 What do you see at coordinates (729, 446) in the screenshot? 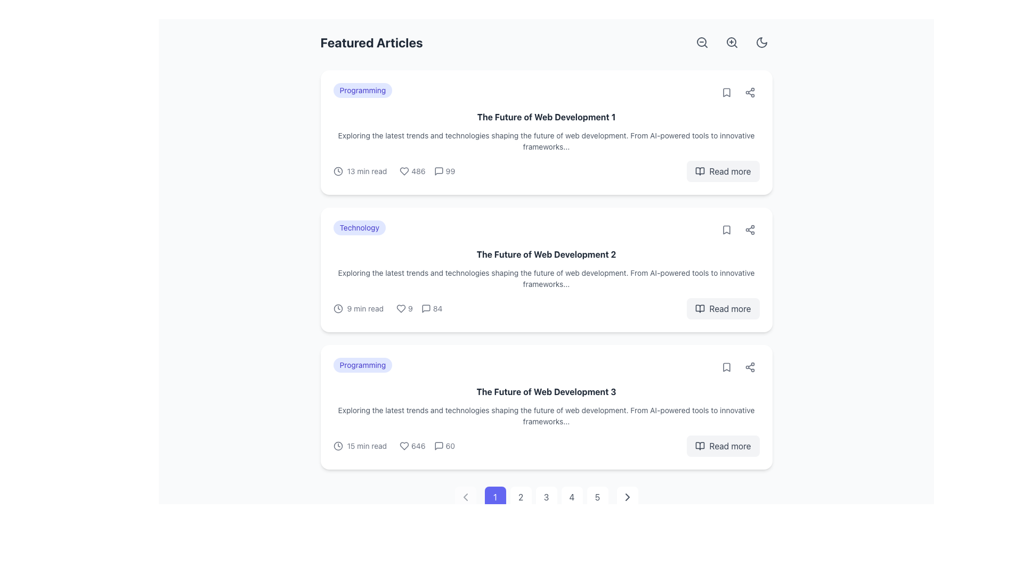
I see `the 'Read more' text label located in the bottom-right corner of the third article in the main content area` at bounding box center [729, 446].